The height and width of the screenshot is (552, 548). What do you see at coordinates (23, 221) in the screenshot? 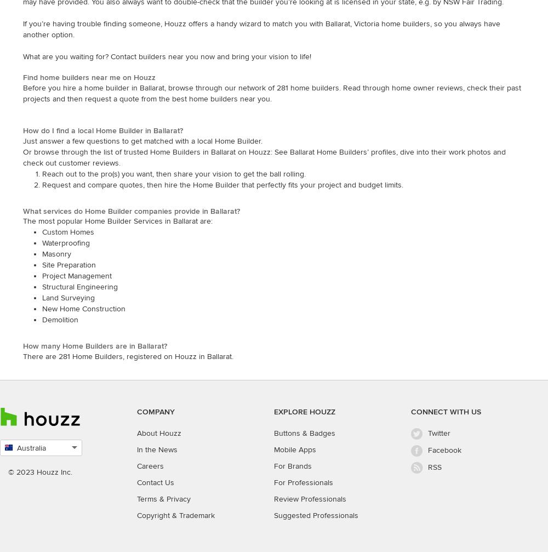
I see `'The most popular Home Builder Services in Ballarat are:'` at bounding box center [23, 221].